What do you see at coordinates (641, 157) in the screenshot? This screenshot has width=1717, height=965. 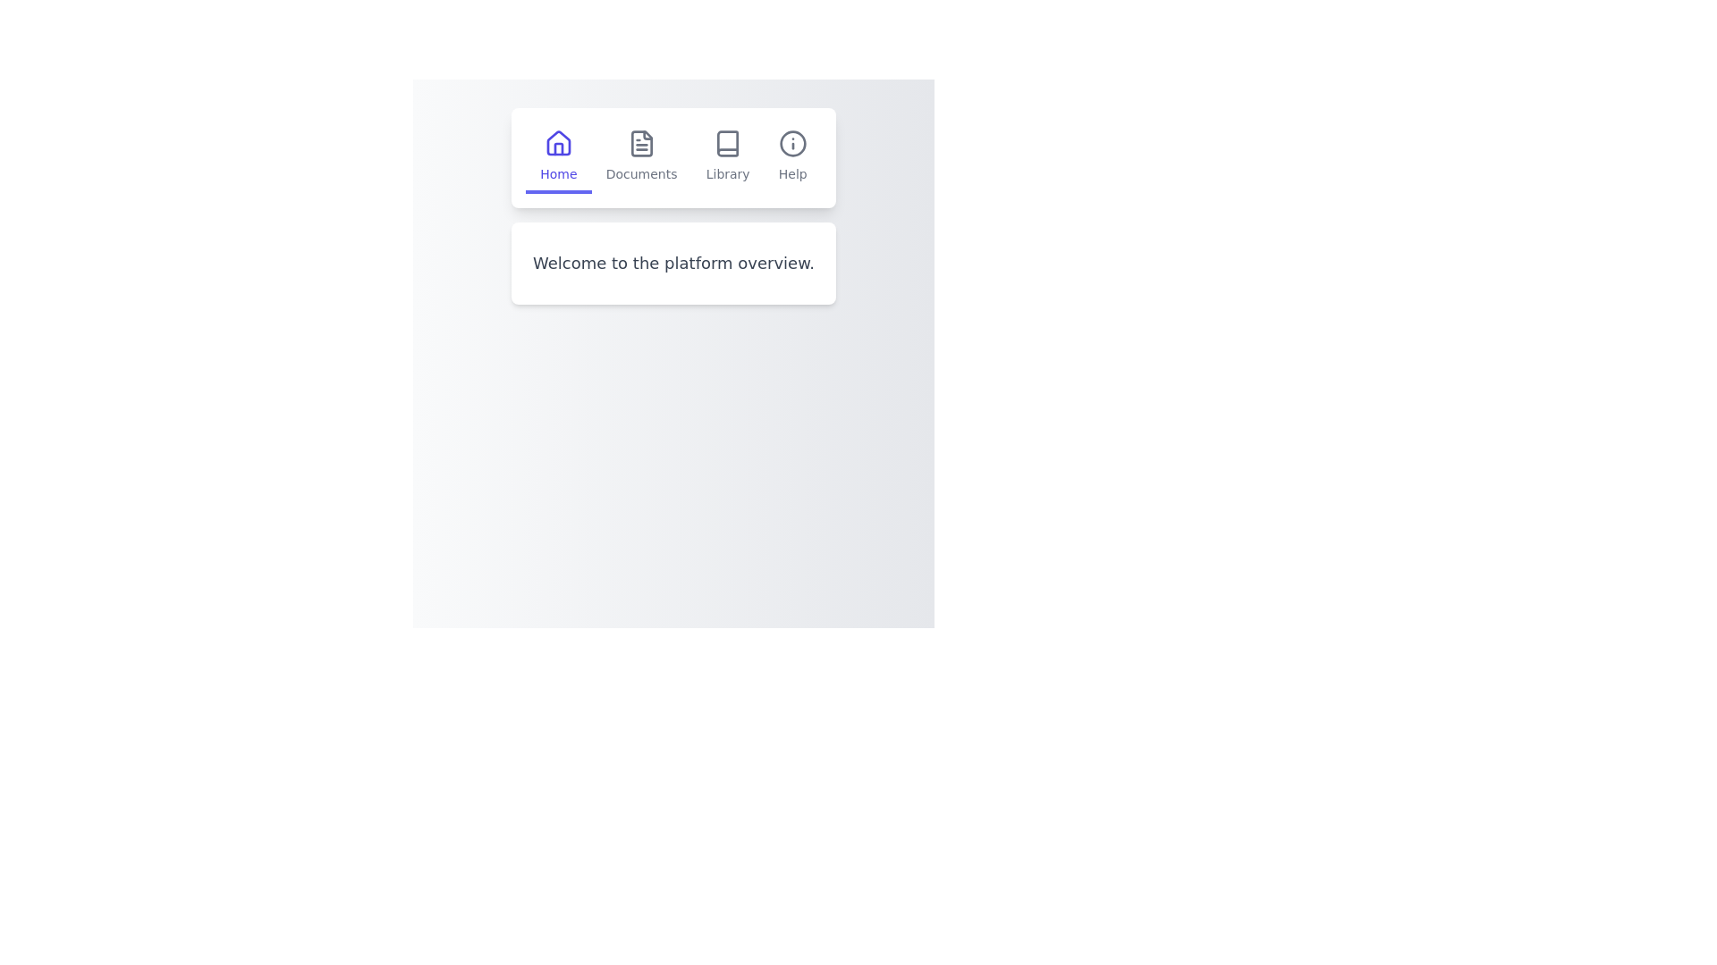 I see `the Documents tab in the navigation bar` at bounding box center [641, 157].